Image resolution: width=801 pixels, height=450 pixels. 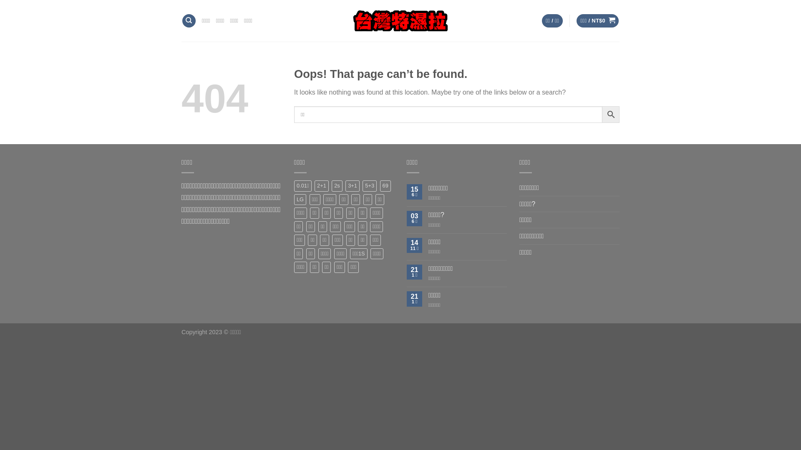 I want to click on 'LG', so click(x=300, y=199).